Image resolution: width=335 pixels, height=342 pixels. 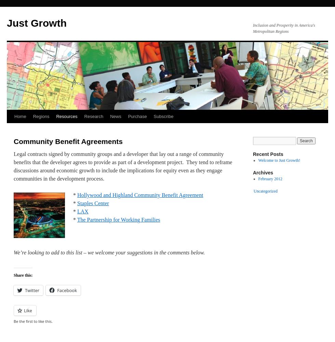 What do you see at coordinates (279, 160) in the screenshot?
I see `'Welcome to Just Growth!'` at bounding box center [279, 160].